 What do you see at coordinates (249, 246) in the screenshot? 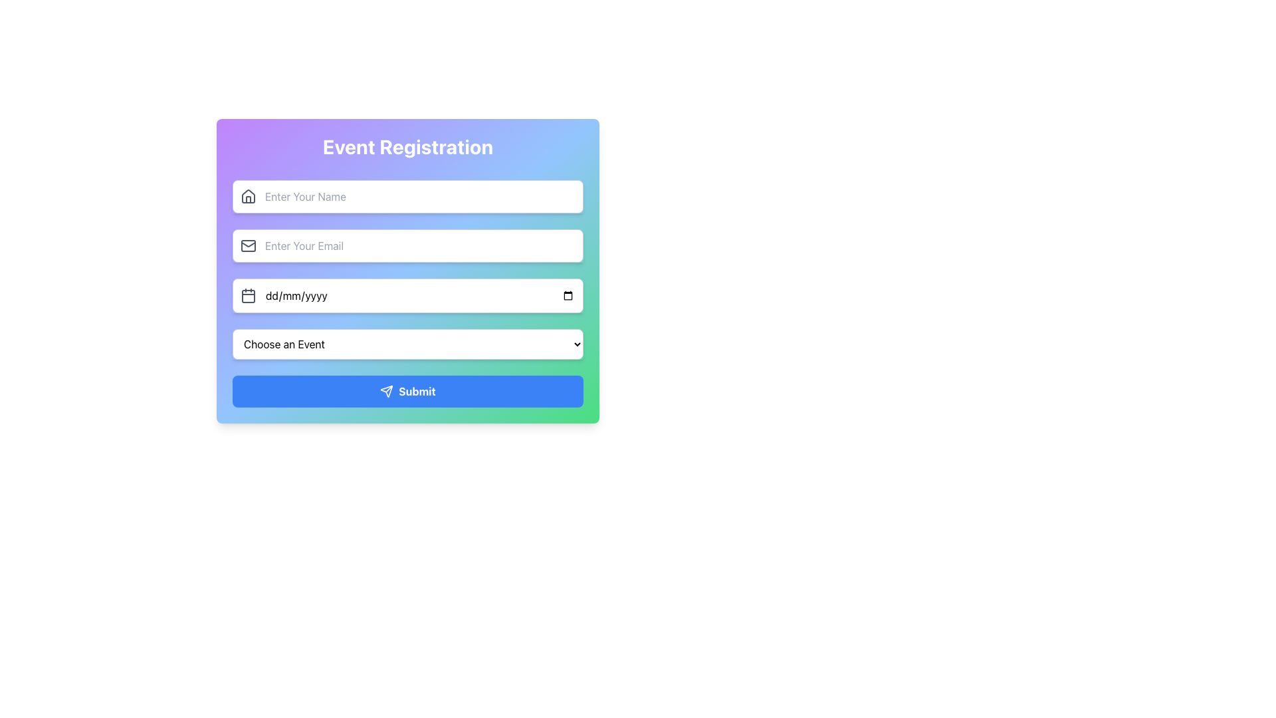
I see `the email input field icon located in the second row of the form, positioned to the left of the input box with the placeholder 'Enter Your Email.'` at bounding box center [249, 246].